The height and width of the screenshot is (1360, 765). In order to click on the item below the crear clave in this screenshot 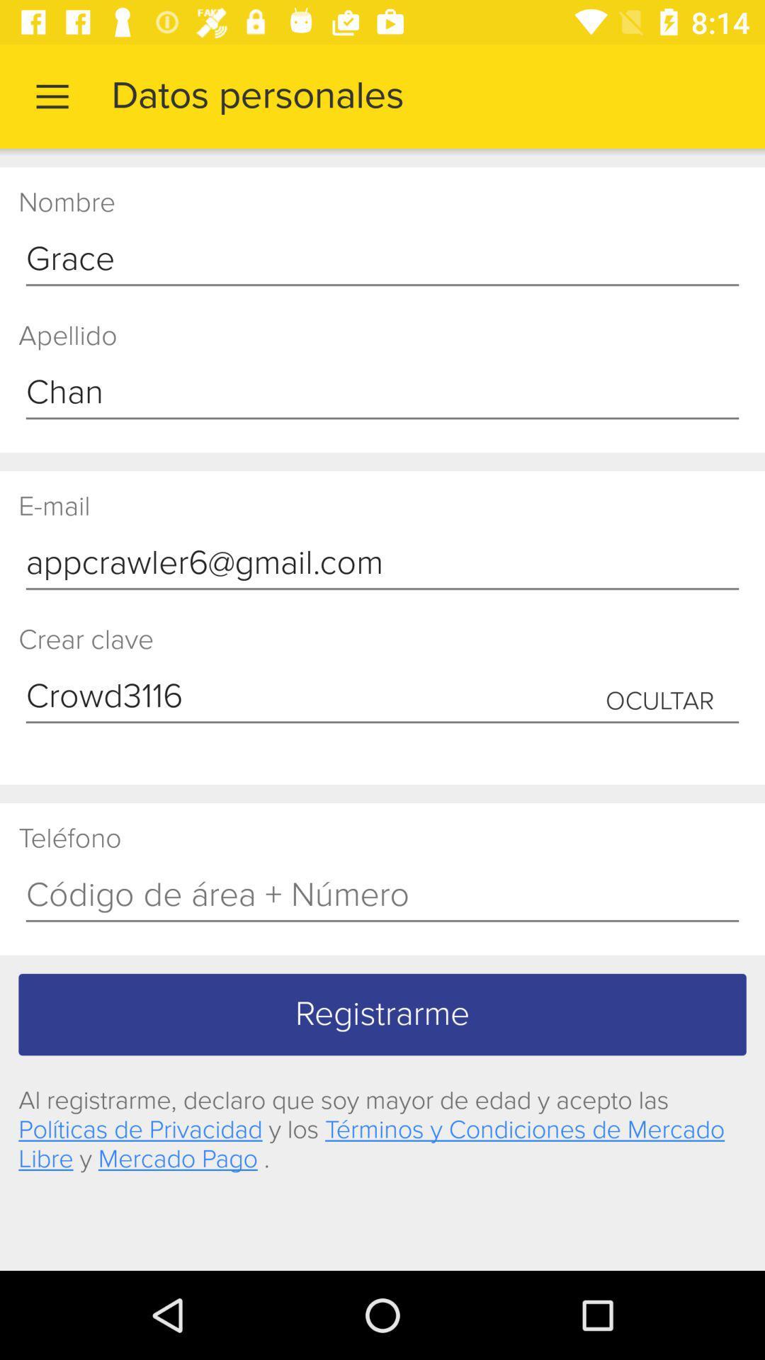, I will do `click(382, 697)`.